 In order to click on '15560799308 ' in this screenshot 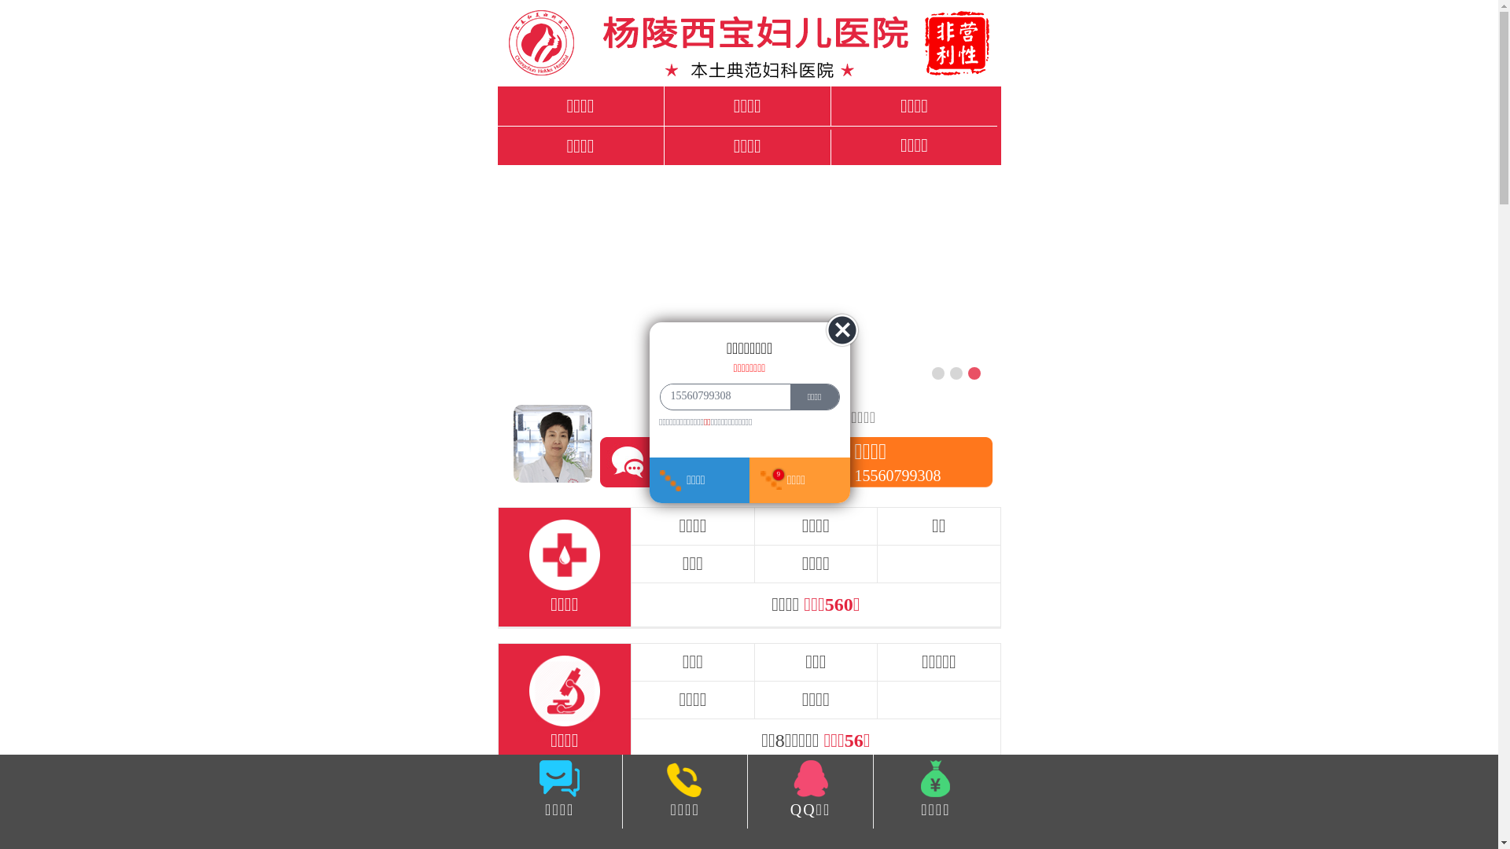, I will do `click(720, 395)`.